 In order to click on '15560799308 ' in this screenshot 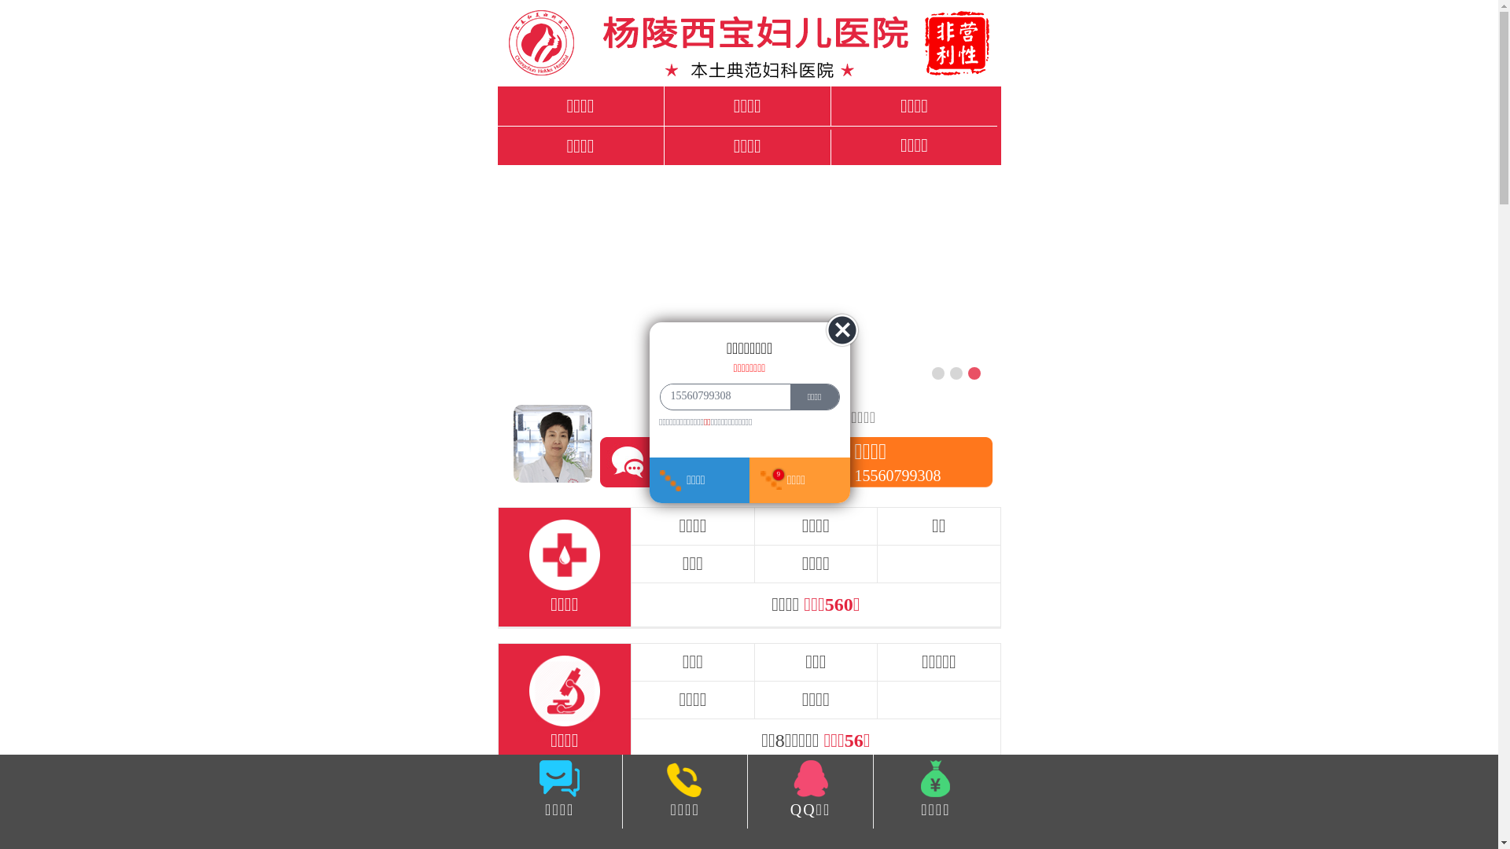, I will do `click(720, 395)`.